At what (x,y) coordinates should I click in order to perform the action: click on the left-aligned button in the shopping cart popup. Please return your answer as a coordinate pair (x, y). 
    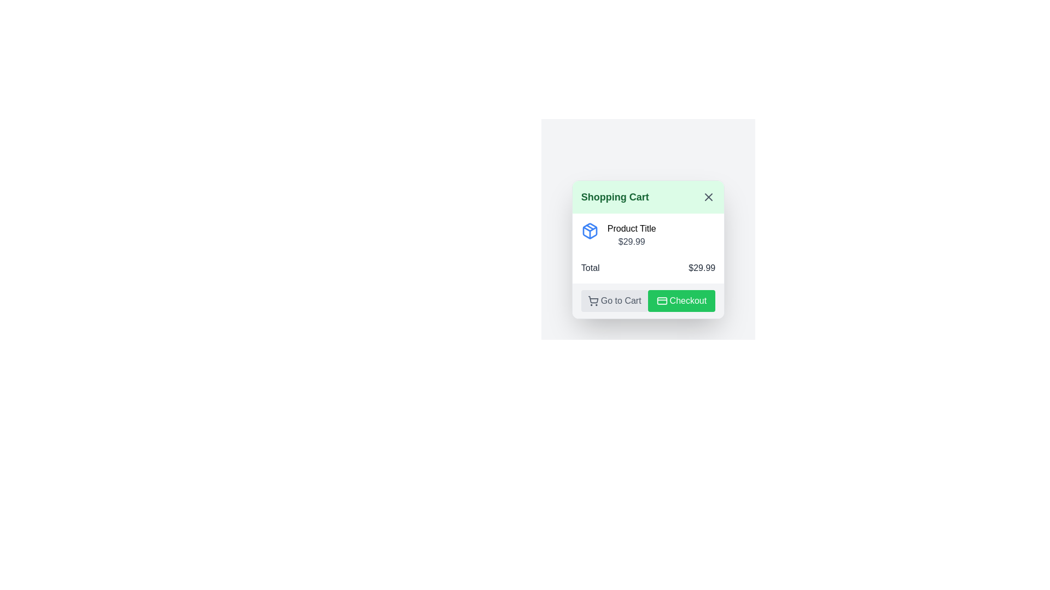
    Looking at the image, I should click on (614, 301).